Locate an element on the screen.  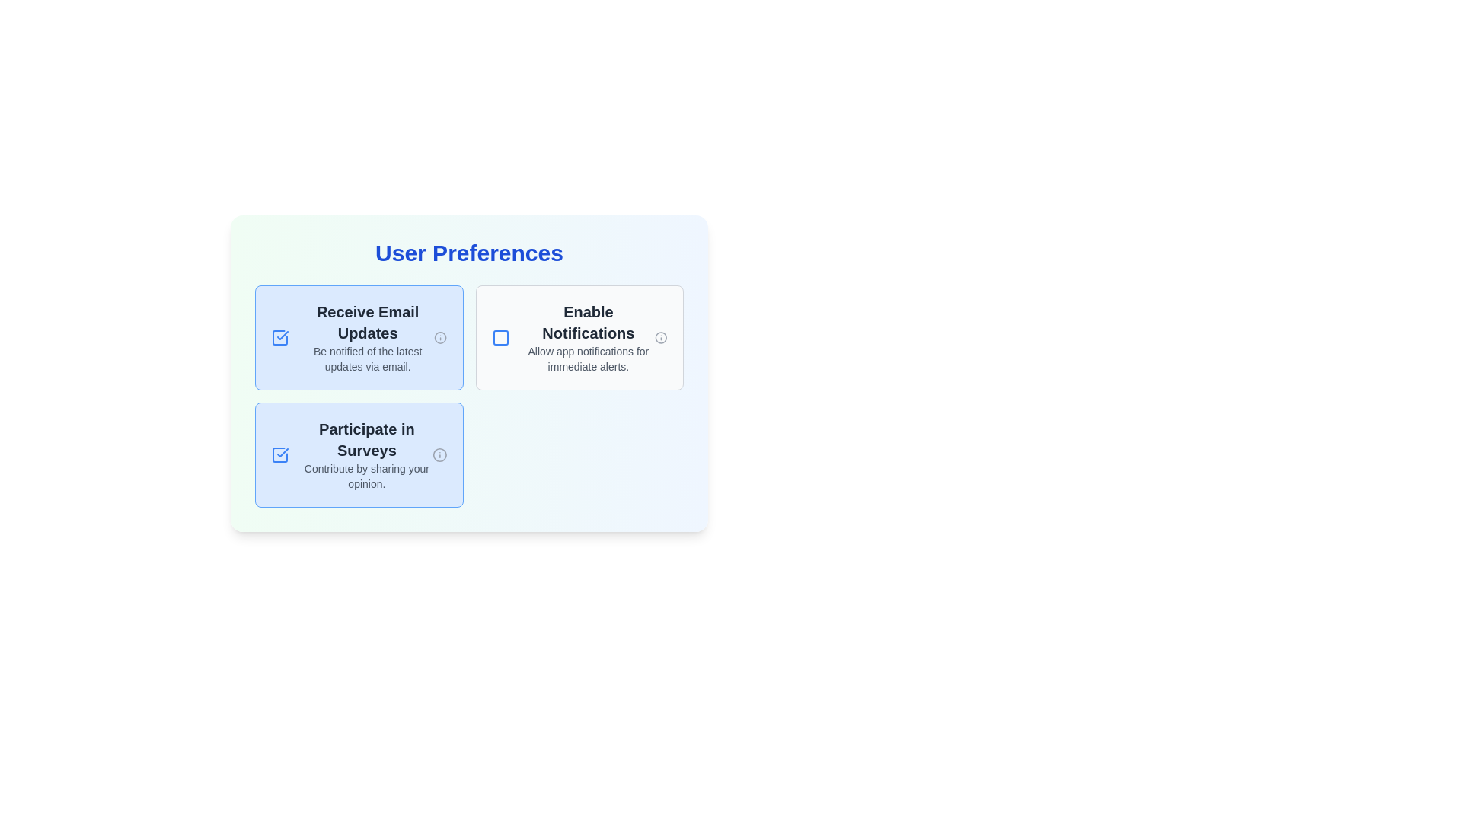
the static text label reading 'Participate in Surveys' located in the bottom-left quadrant of the 'User Preferences' section, styled in large, bold, deep gray font on a light blue background is located at coordinates (366, 440).